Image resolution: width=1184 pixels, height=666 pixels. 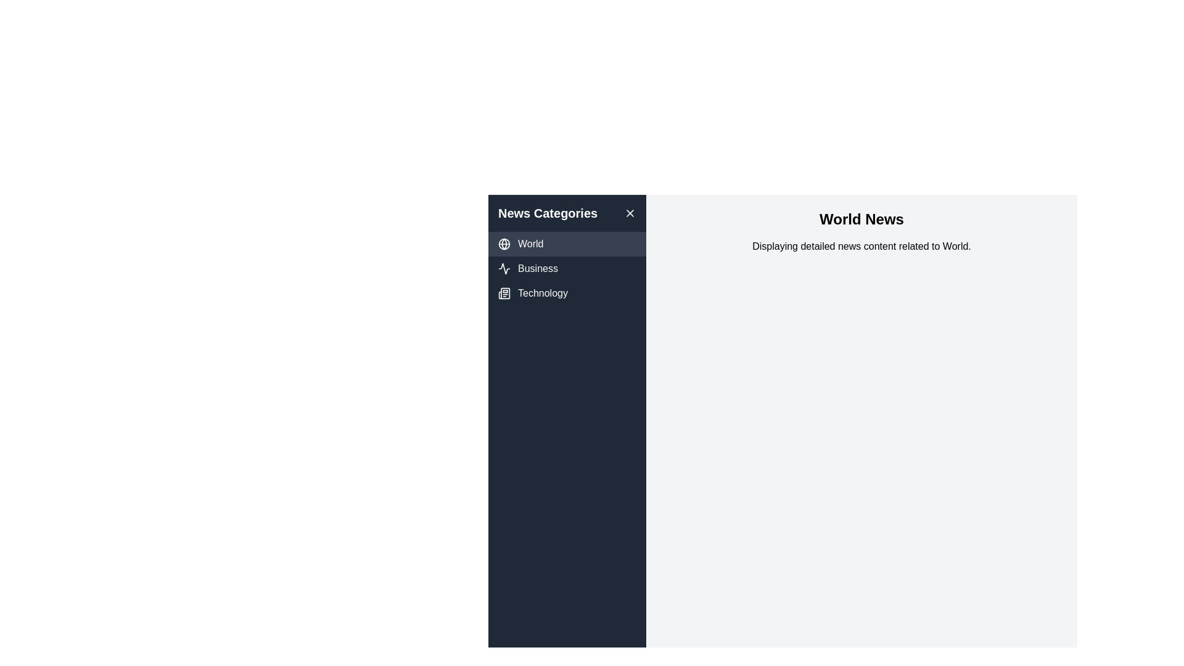 I want to click on the news category Technology to observe the hover effect, so click(x=567, y=293).